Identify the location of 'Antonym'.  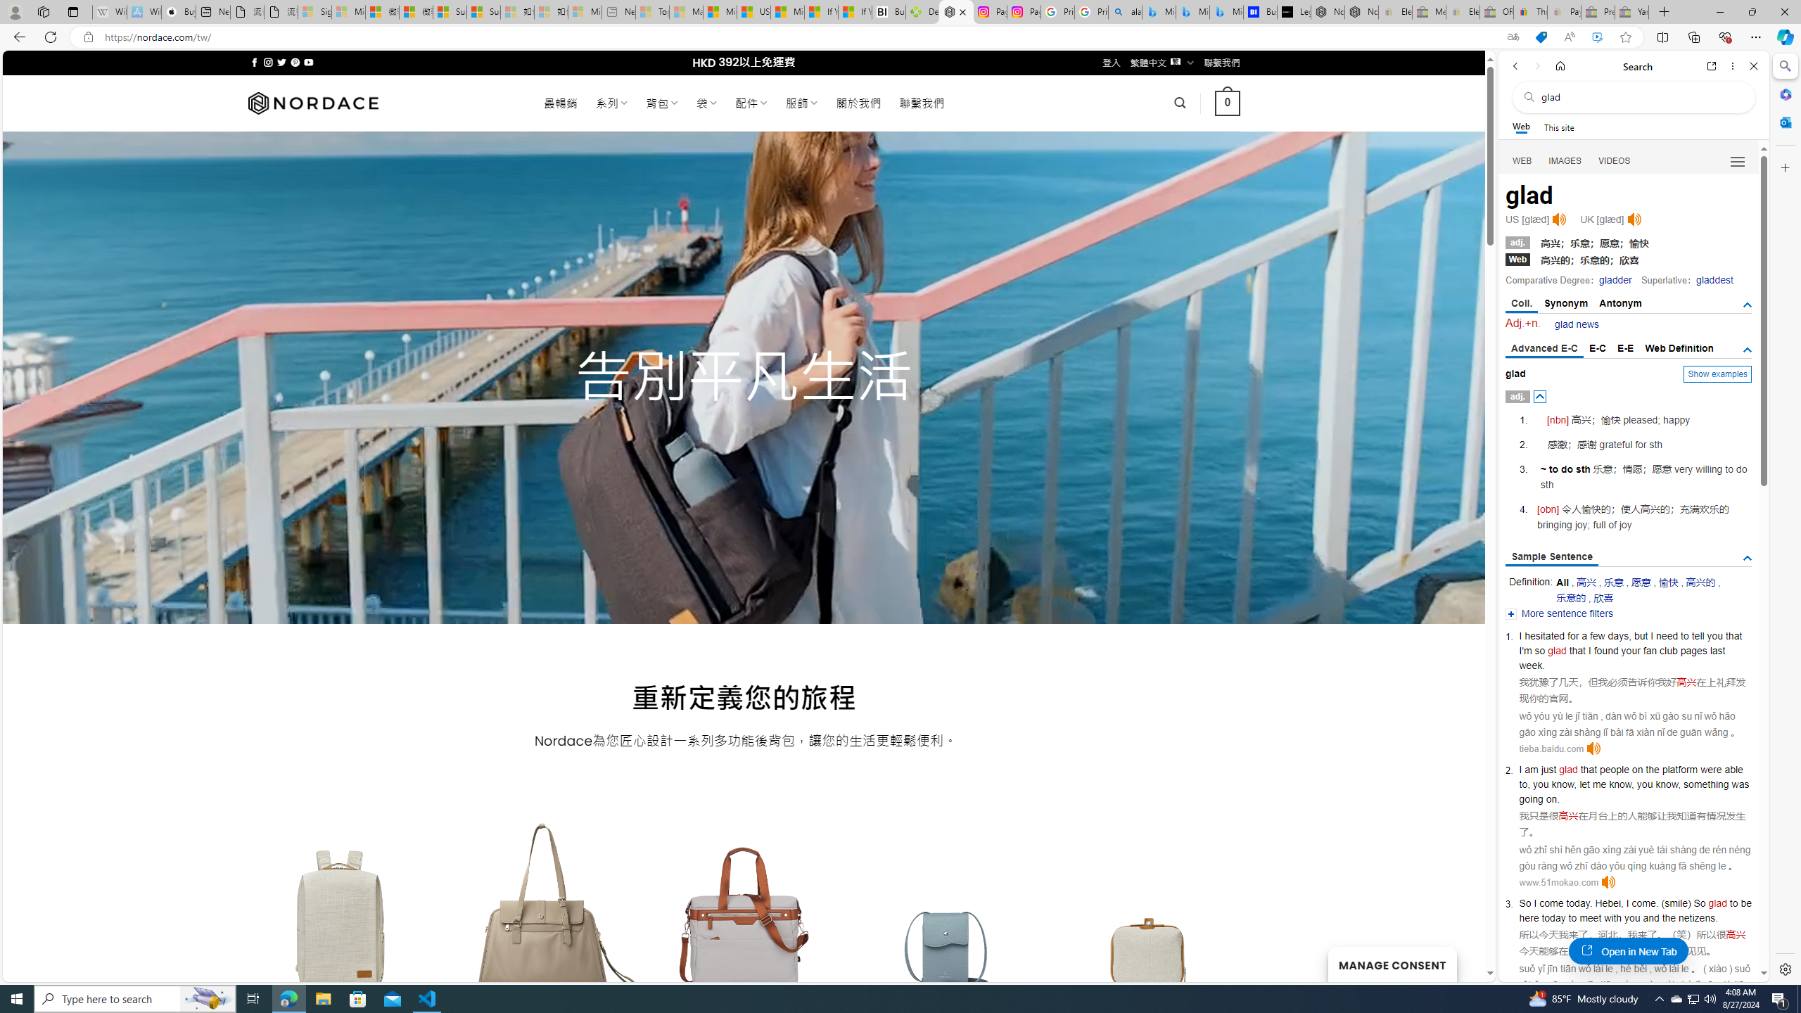
(1620, 302).